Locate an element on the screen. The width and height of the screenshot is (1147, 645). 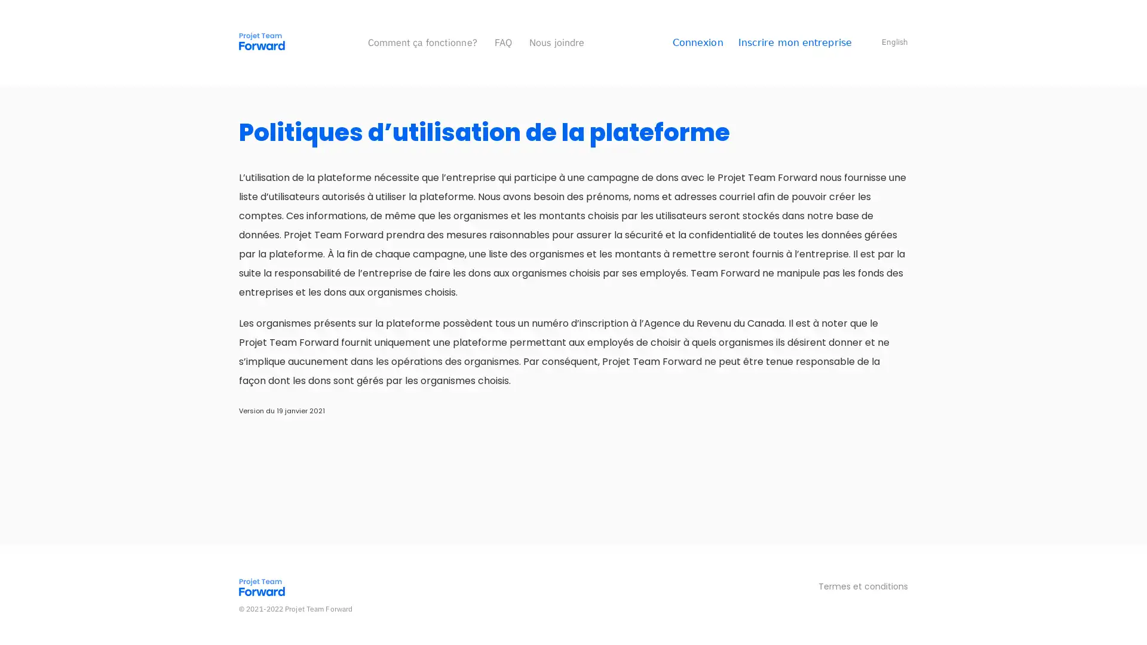
FAQ is located at coordinates (510, 41).